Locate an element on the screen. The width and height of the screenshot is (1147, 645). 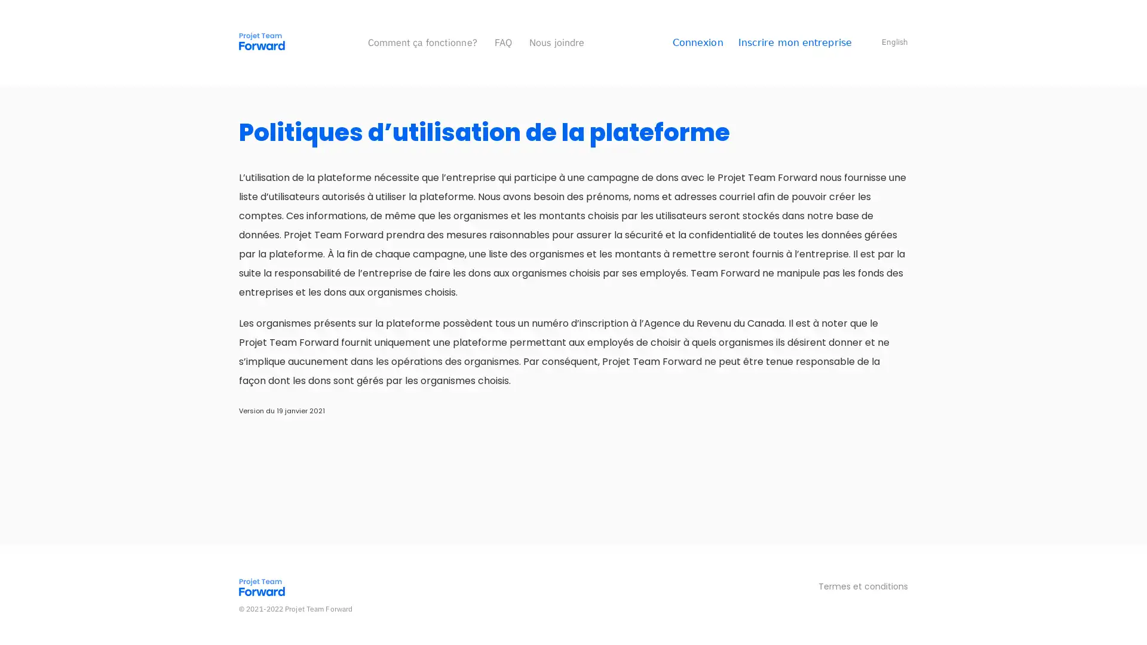
FAQ is located at coordinates (510, 41).